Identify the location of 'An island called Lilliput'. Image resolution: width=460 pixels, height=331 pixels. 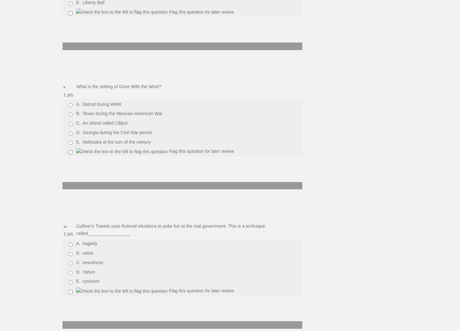
(105, 123).